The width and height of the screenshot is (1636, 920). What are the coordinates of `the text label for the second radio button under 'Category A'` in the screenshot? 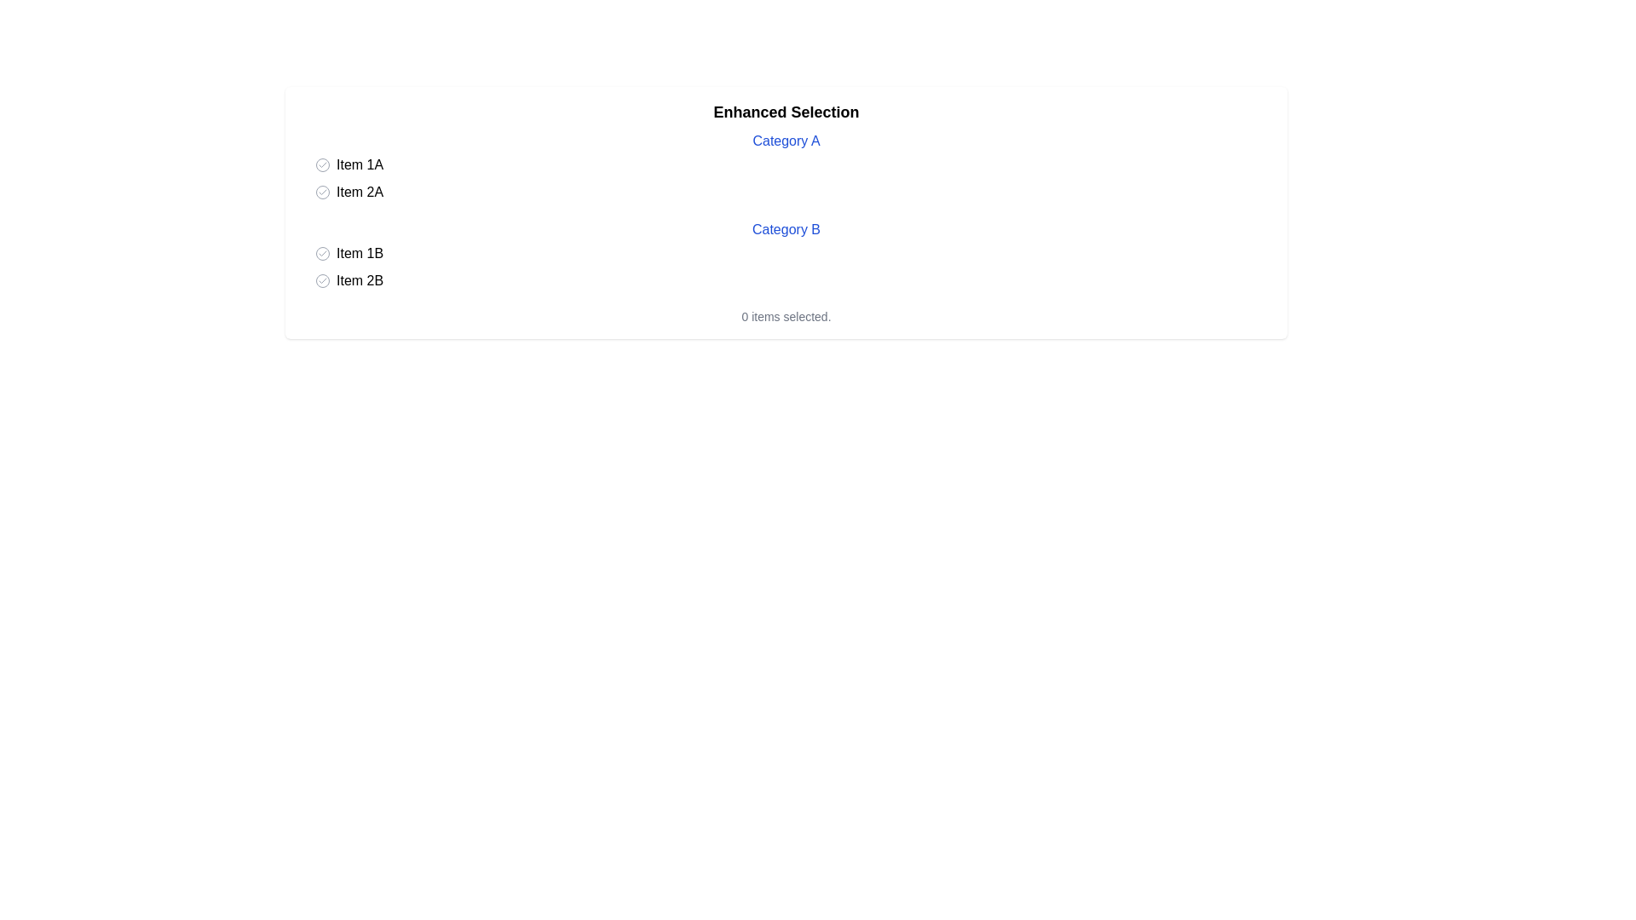 It's located at (359, 192).